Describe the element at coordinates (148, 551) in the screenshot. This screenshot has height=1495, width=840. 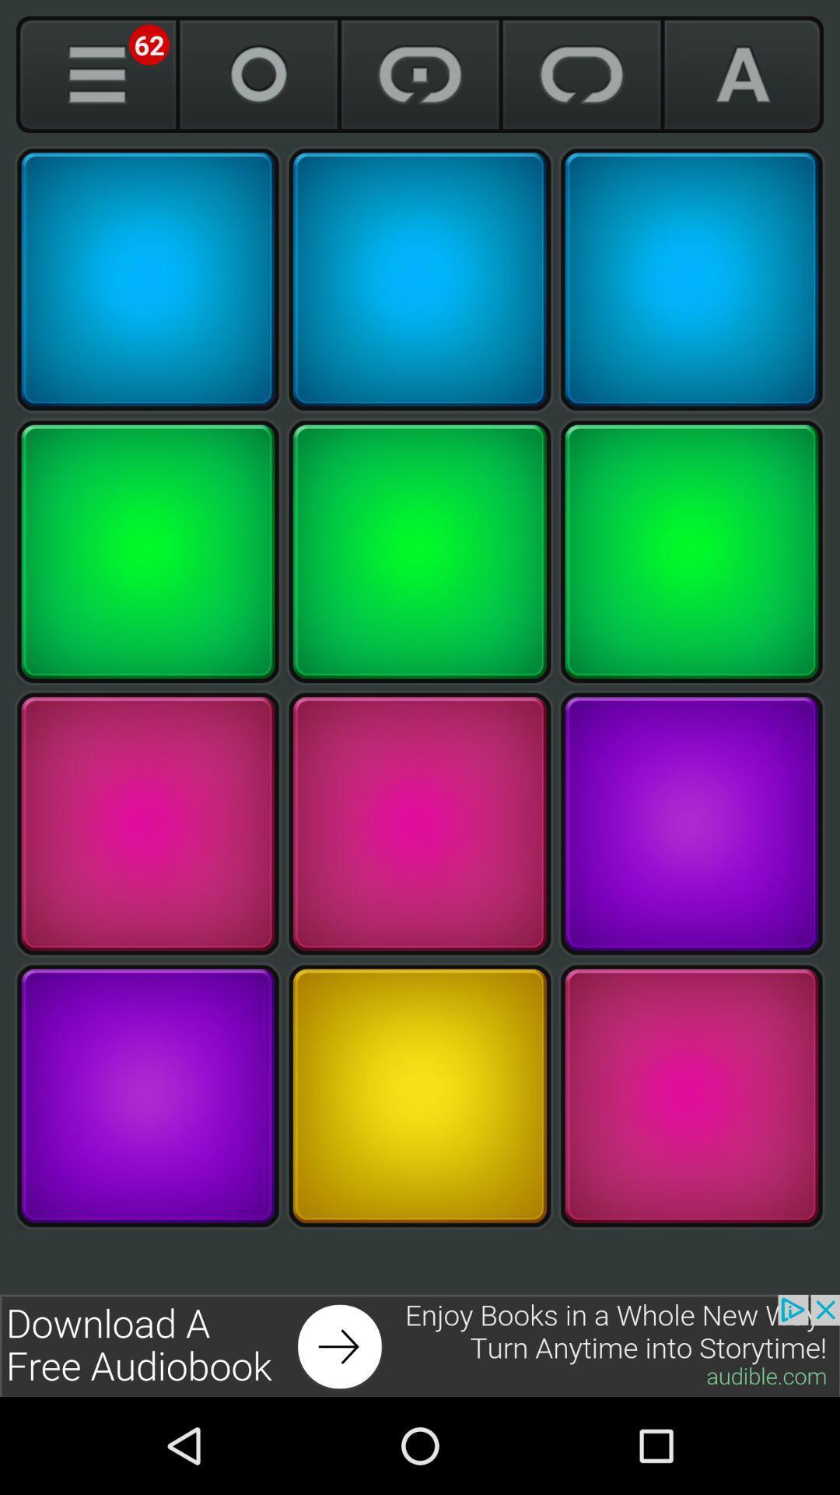
I see `choose green square` at that location.